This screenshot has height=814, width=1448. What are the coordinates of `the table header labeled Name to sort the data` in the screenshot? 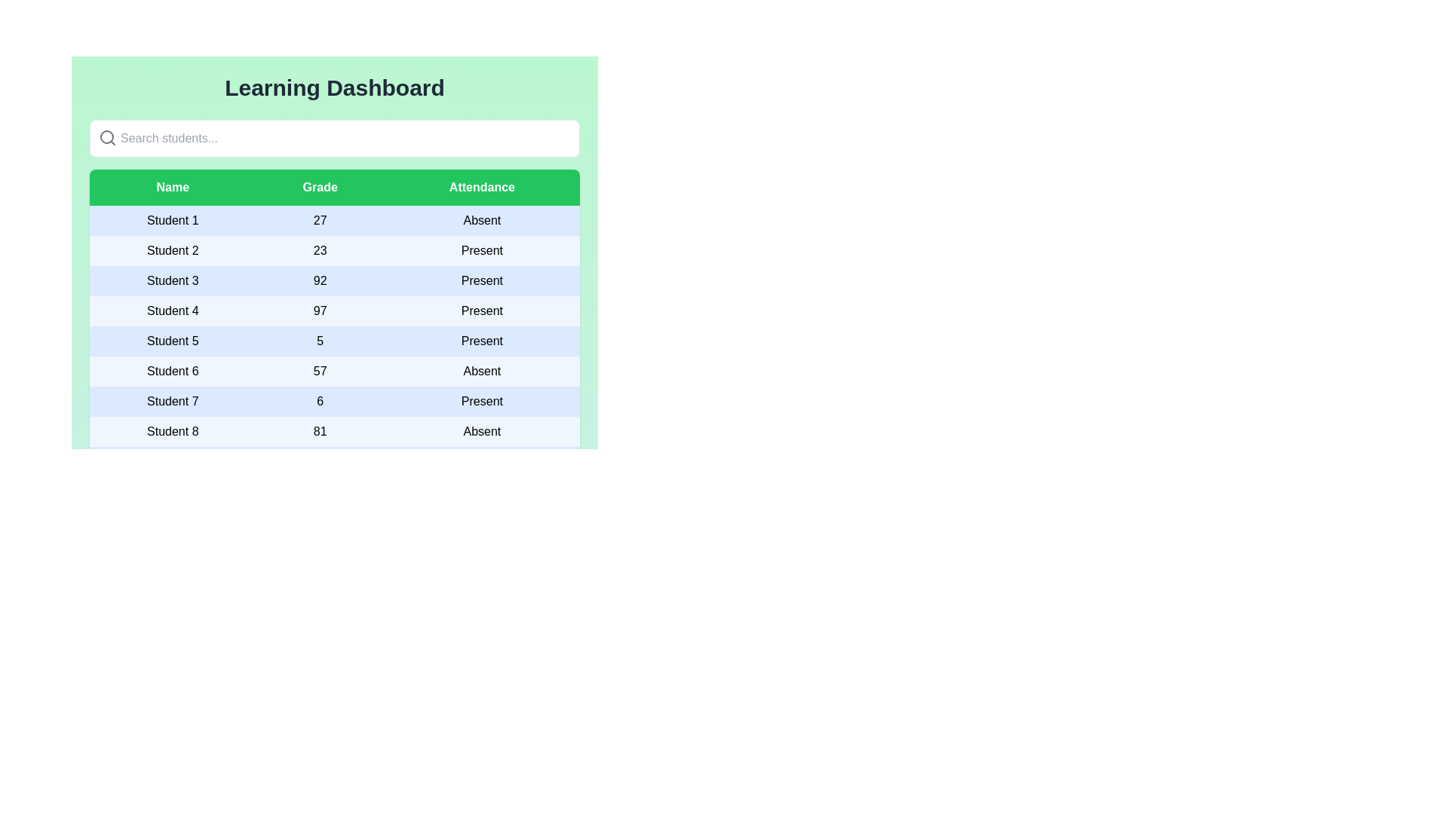 It's located at (173, 187).